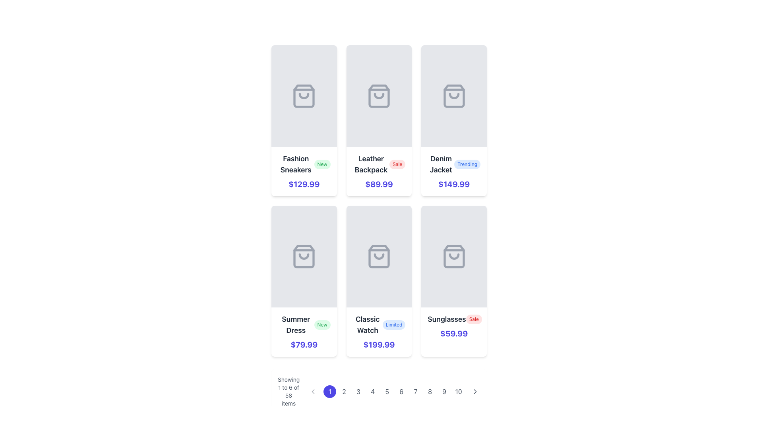 This screenshot has width=763, height=429. I want to click on the product information display for 'Summer Dress', which includes its name, designation as a new product, and price, located in the center of the lower row of a two-row grid within the product catalog, so click(304, 332).